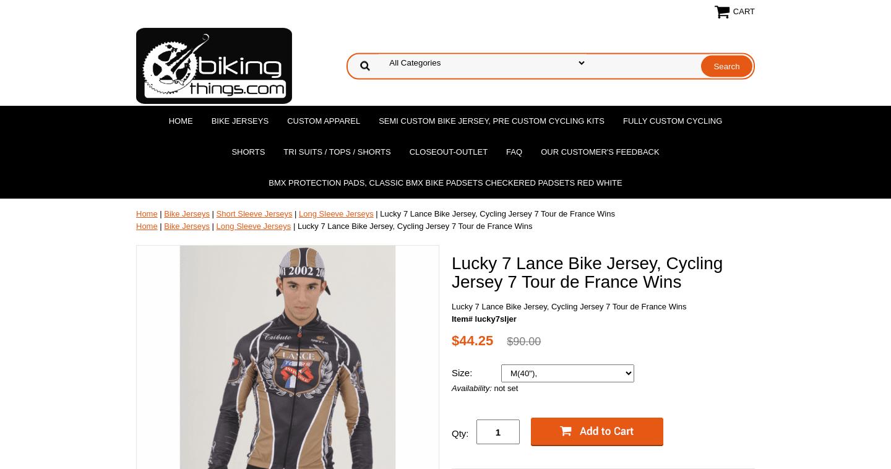  What do you see at coordinates (471, 340) in the screenshot?
I see `'$44.25'` at bounding box center [471, 340].